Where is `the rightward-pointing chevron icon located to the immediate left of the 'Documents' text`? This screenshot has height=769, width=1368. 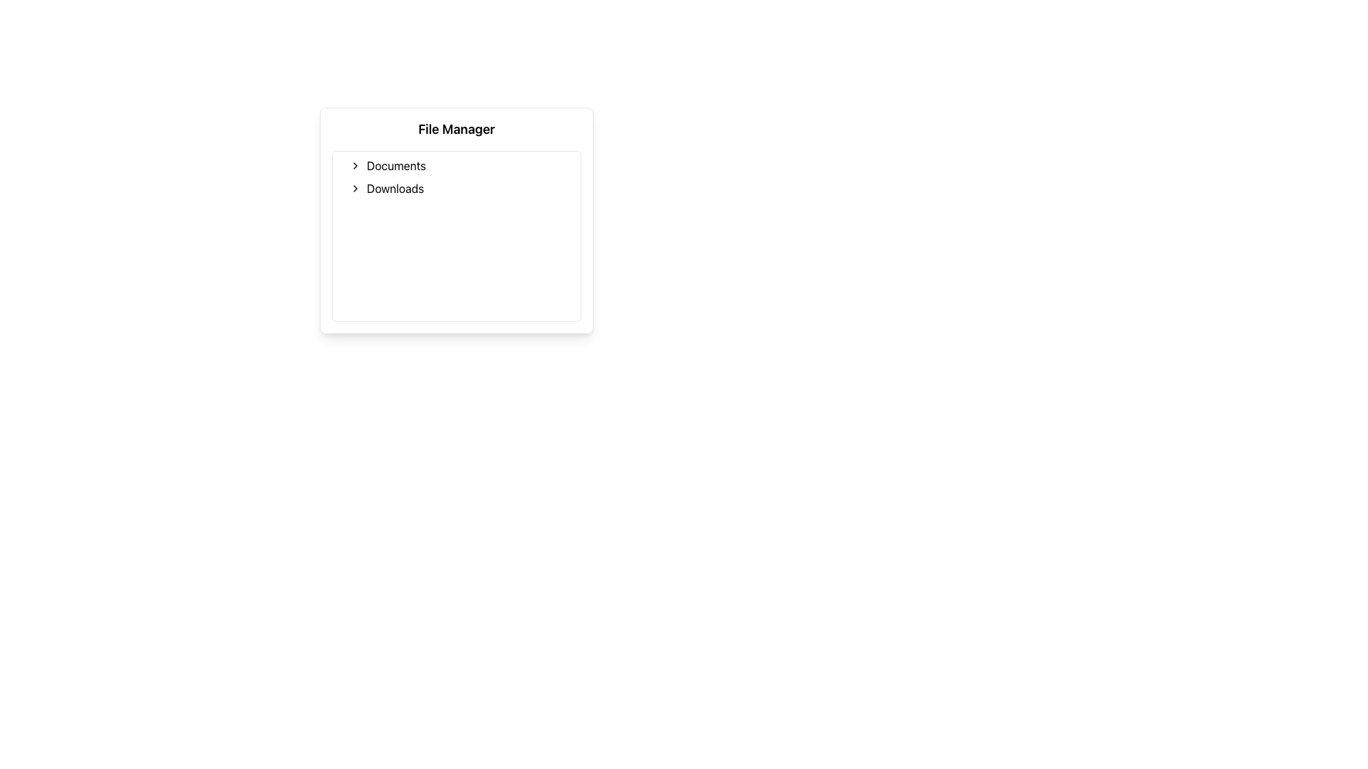 the rightward-pointing chevron icon located to the immediate left of the 'Documents' text is located at coordinates (356, 164).